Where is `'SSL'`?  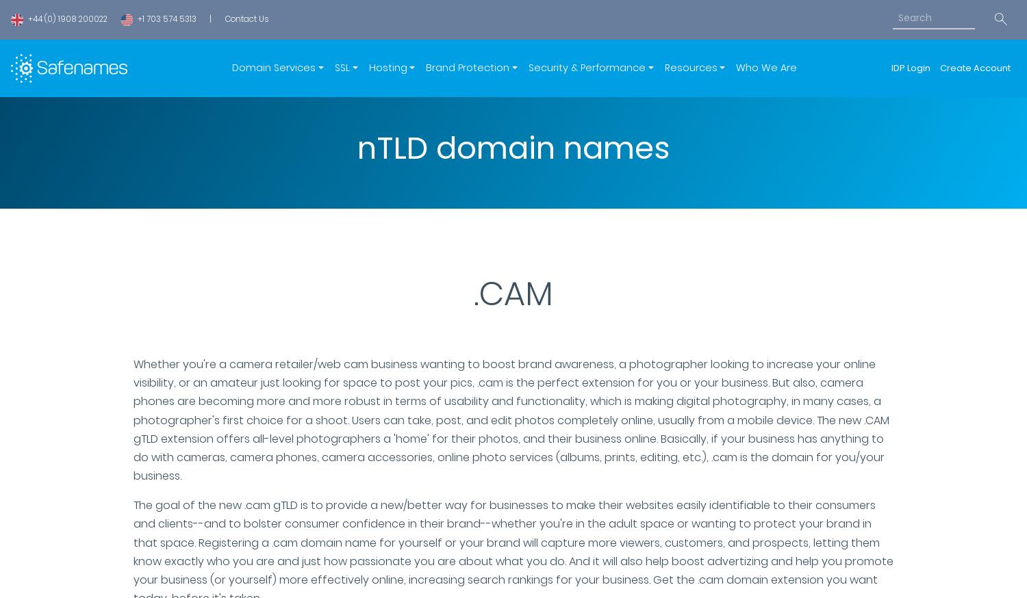 'SSL' is located at coordinates (334, 68).